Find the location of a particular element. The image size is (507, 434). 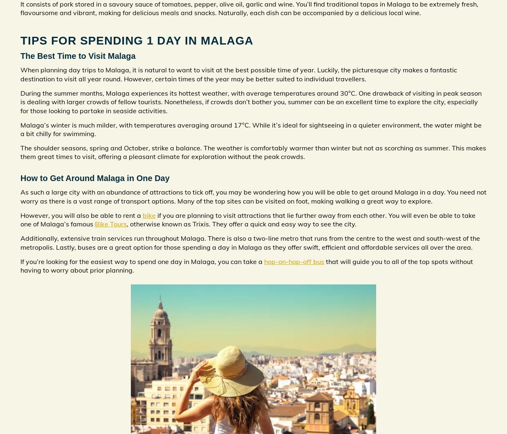

'bike' is located at coordinates (142, 215).